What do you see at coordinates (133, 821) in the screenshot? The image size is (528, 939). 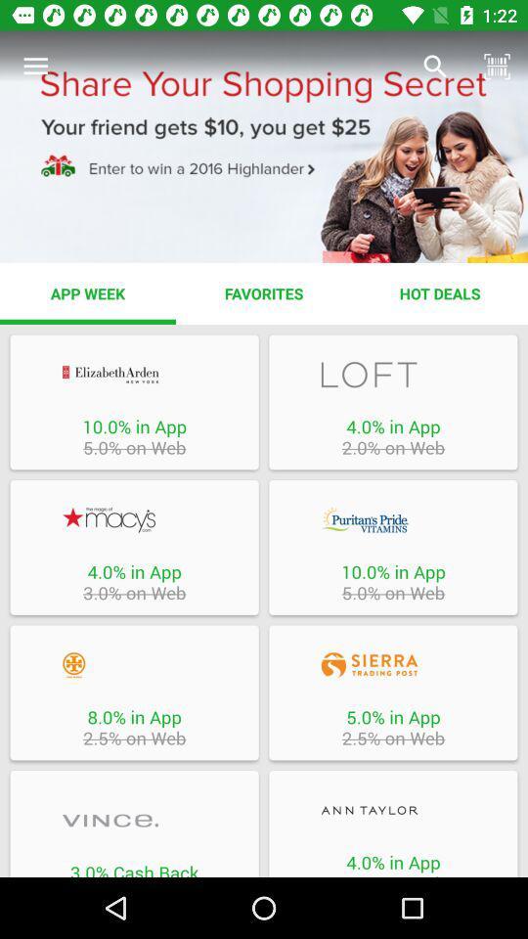 I see `specific designer` at bounding box center [133, 821].